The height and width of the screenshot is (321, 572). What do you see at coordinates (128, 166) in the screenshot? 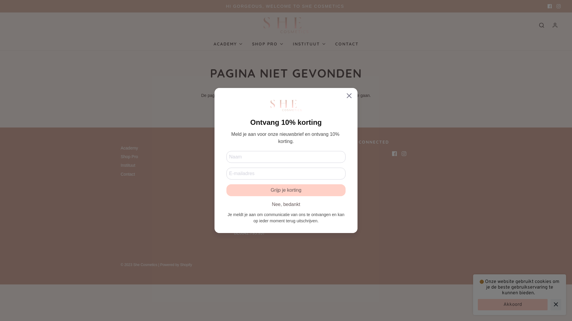
I see `'Instituut'` at bounding box center [128, 166].